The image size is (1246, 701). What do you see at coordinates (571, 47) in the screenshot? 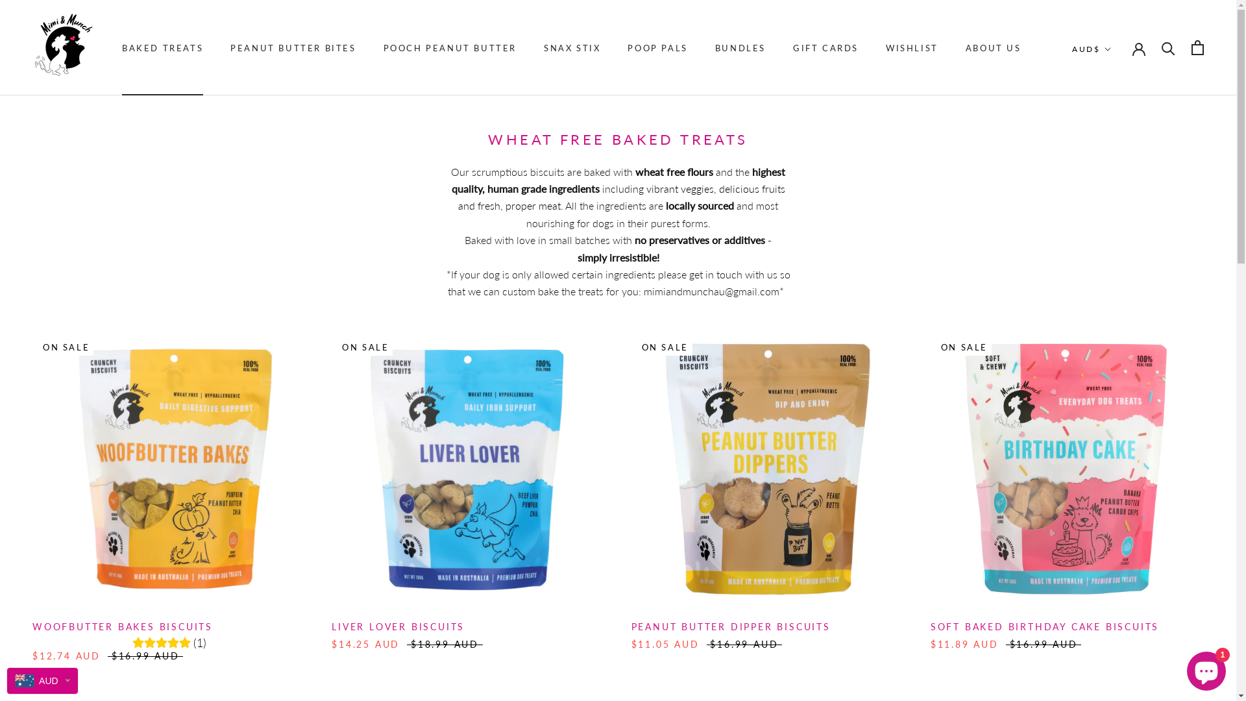
I see `'SNAX STIX` at bounding box center [571, 47].